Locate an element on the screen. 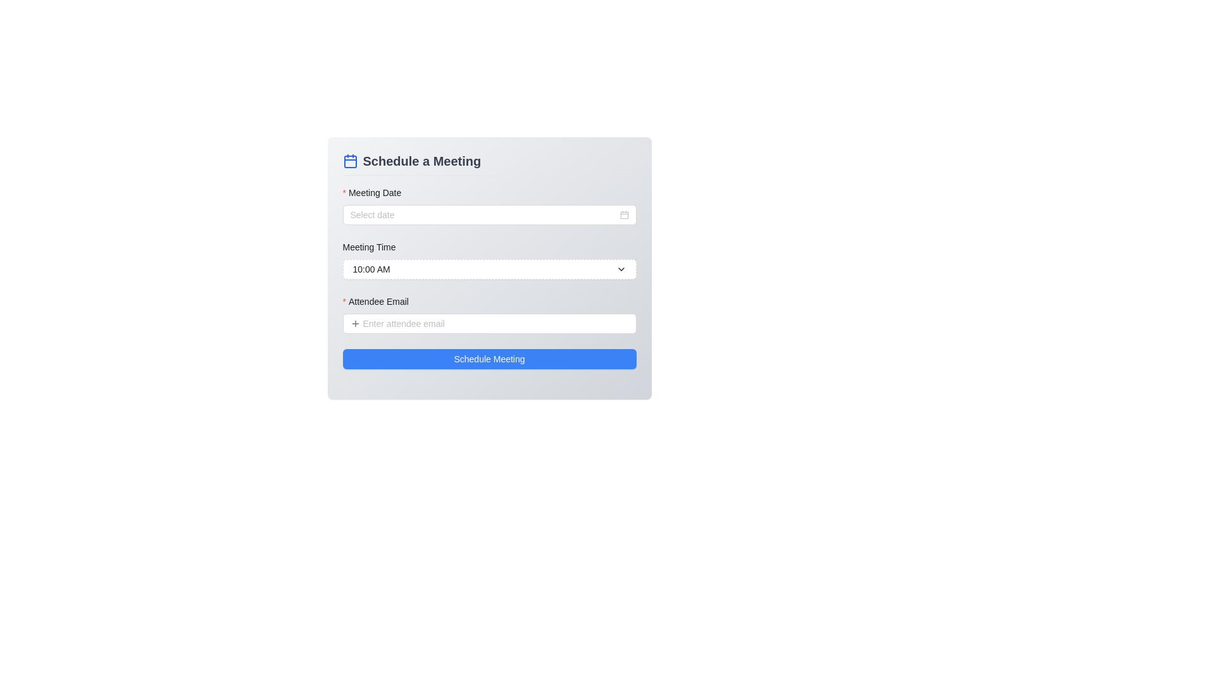 The image size is (1215, 683). the button with an icon located at the far-right end of the 'Meeting Date' input field is located at coordinates (624, 214).